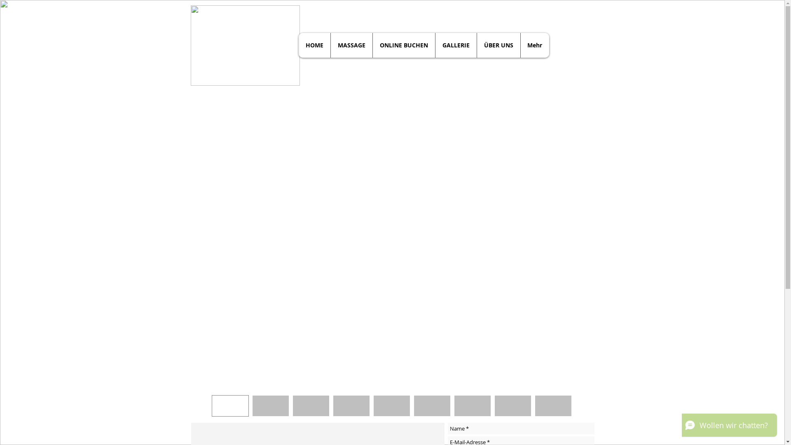 The image size is (791, 445). I want to click on 'ONLINE BUCHEN', so click(403, 45).